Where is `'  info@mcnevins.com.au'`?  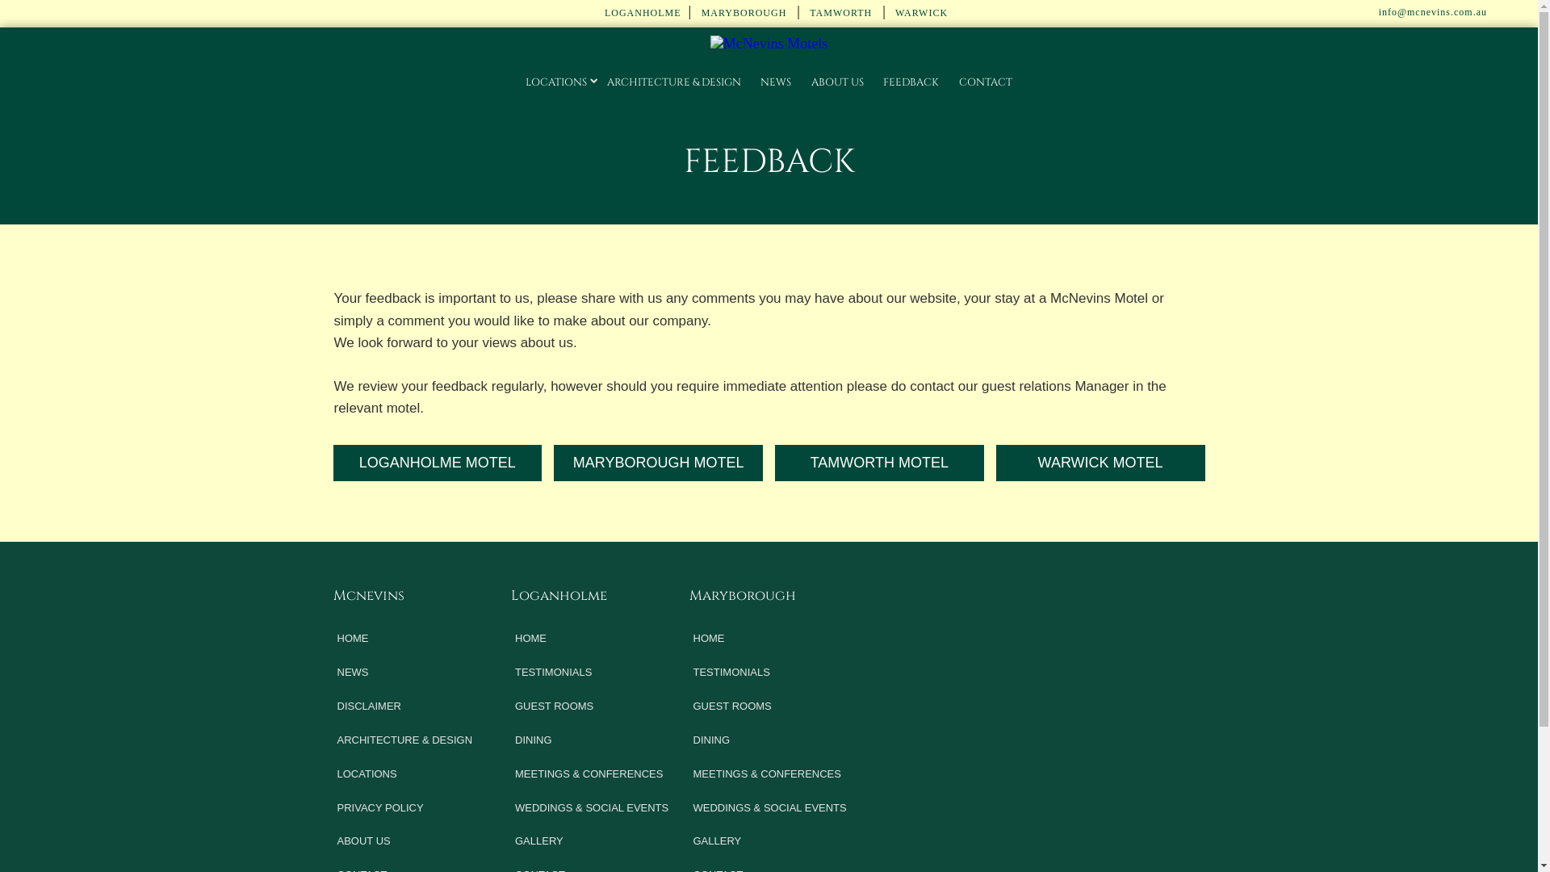 '  info@mcnevins.com.au' is located at coordinates (1430, 12).